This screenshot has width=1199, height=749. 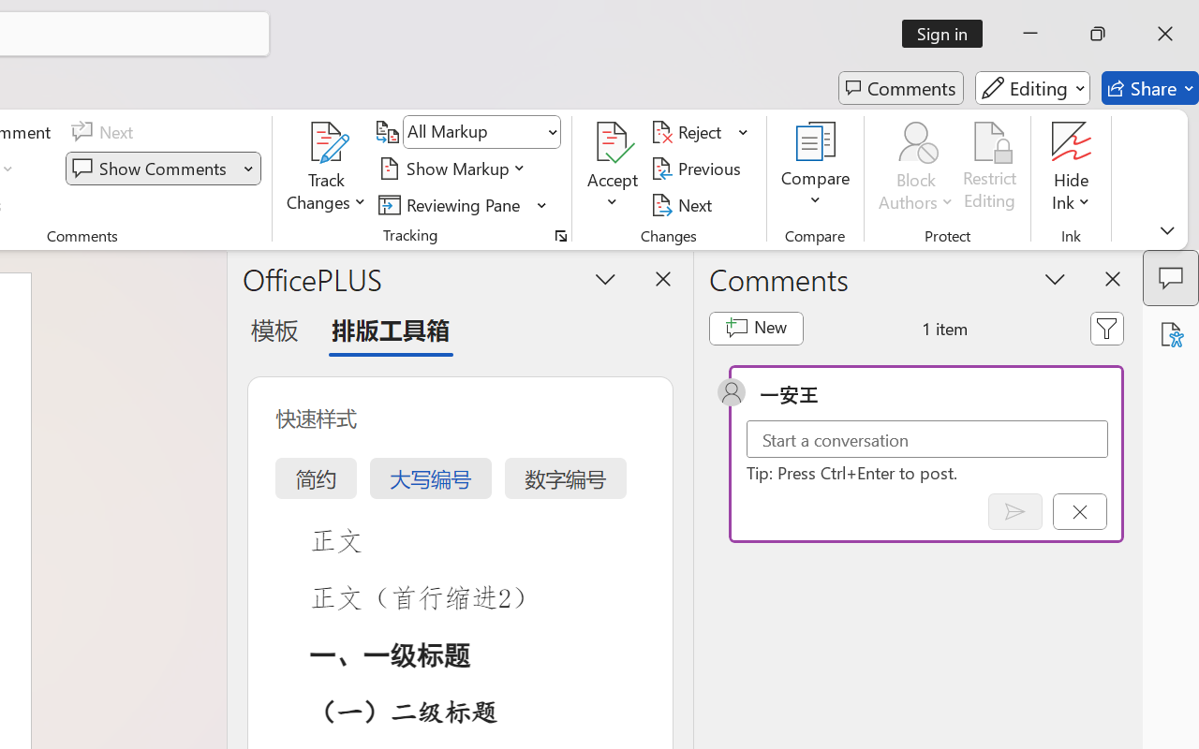 I want to click on 'Previous', so click(x=698, y=168).